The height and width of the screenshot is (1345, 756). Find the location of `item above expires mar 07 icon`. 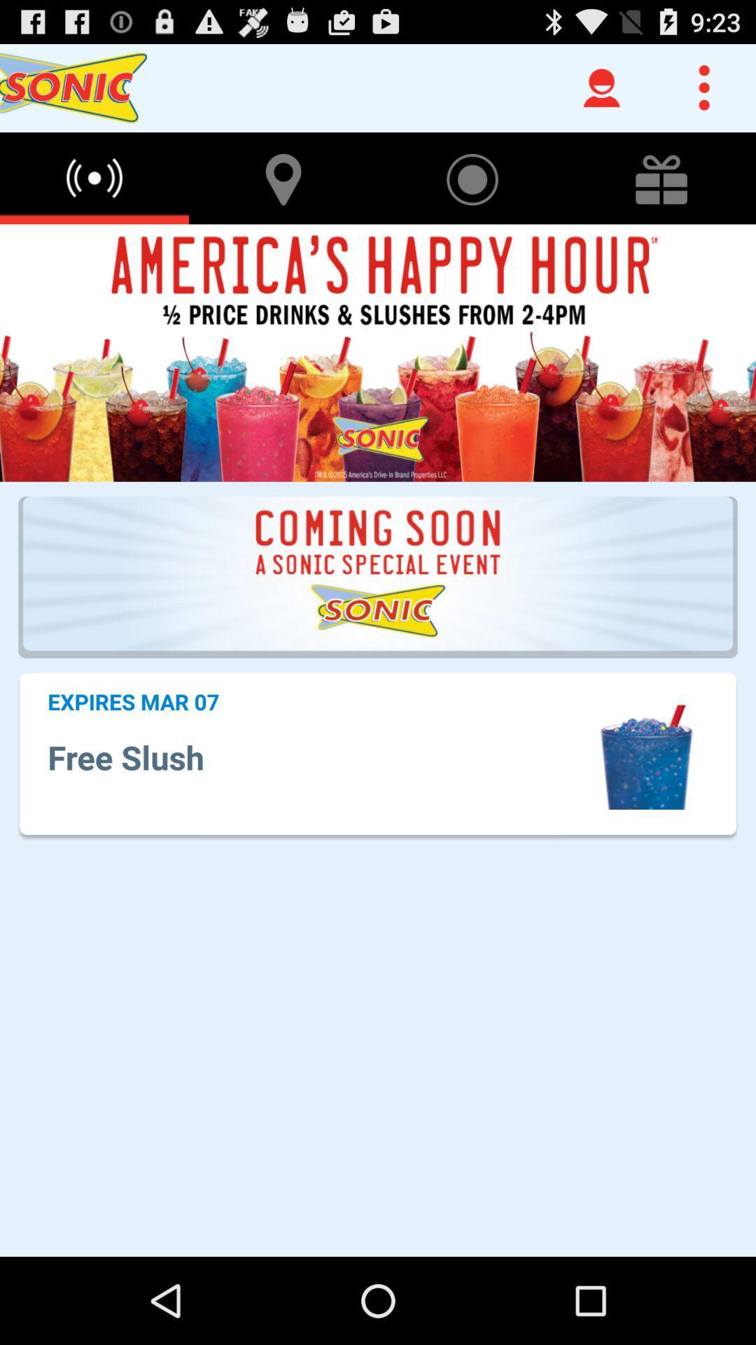

item above expires mar 07 icon is located at coordinates (378, 577).